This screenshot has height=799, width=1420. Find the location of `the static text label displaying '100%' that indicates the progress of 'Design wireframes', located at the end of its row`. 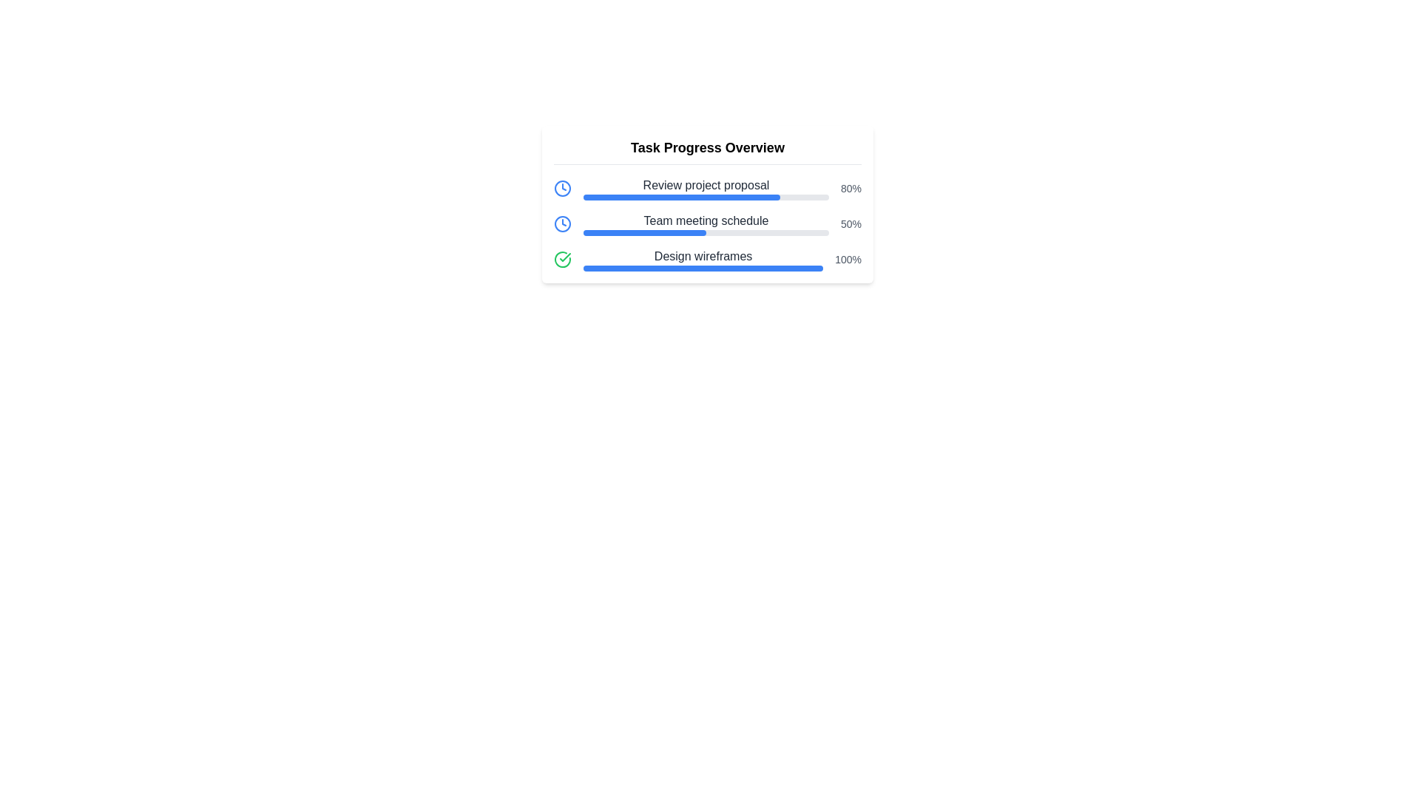

the static text label displaying '100%' that indicates the progress of 'Design wireframes', located at the end of its row is located at coordinates (848, 259).